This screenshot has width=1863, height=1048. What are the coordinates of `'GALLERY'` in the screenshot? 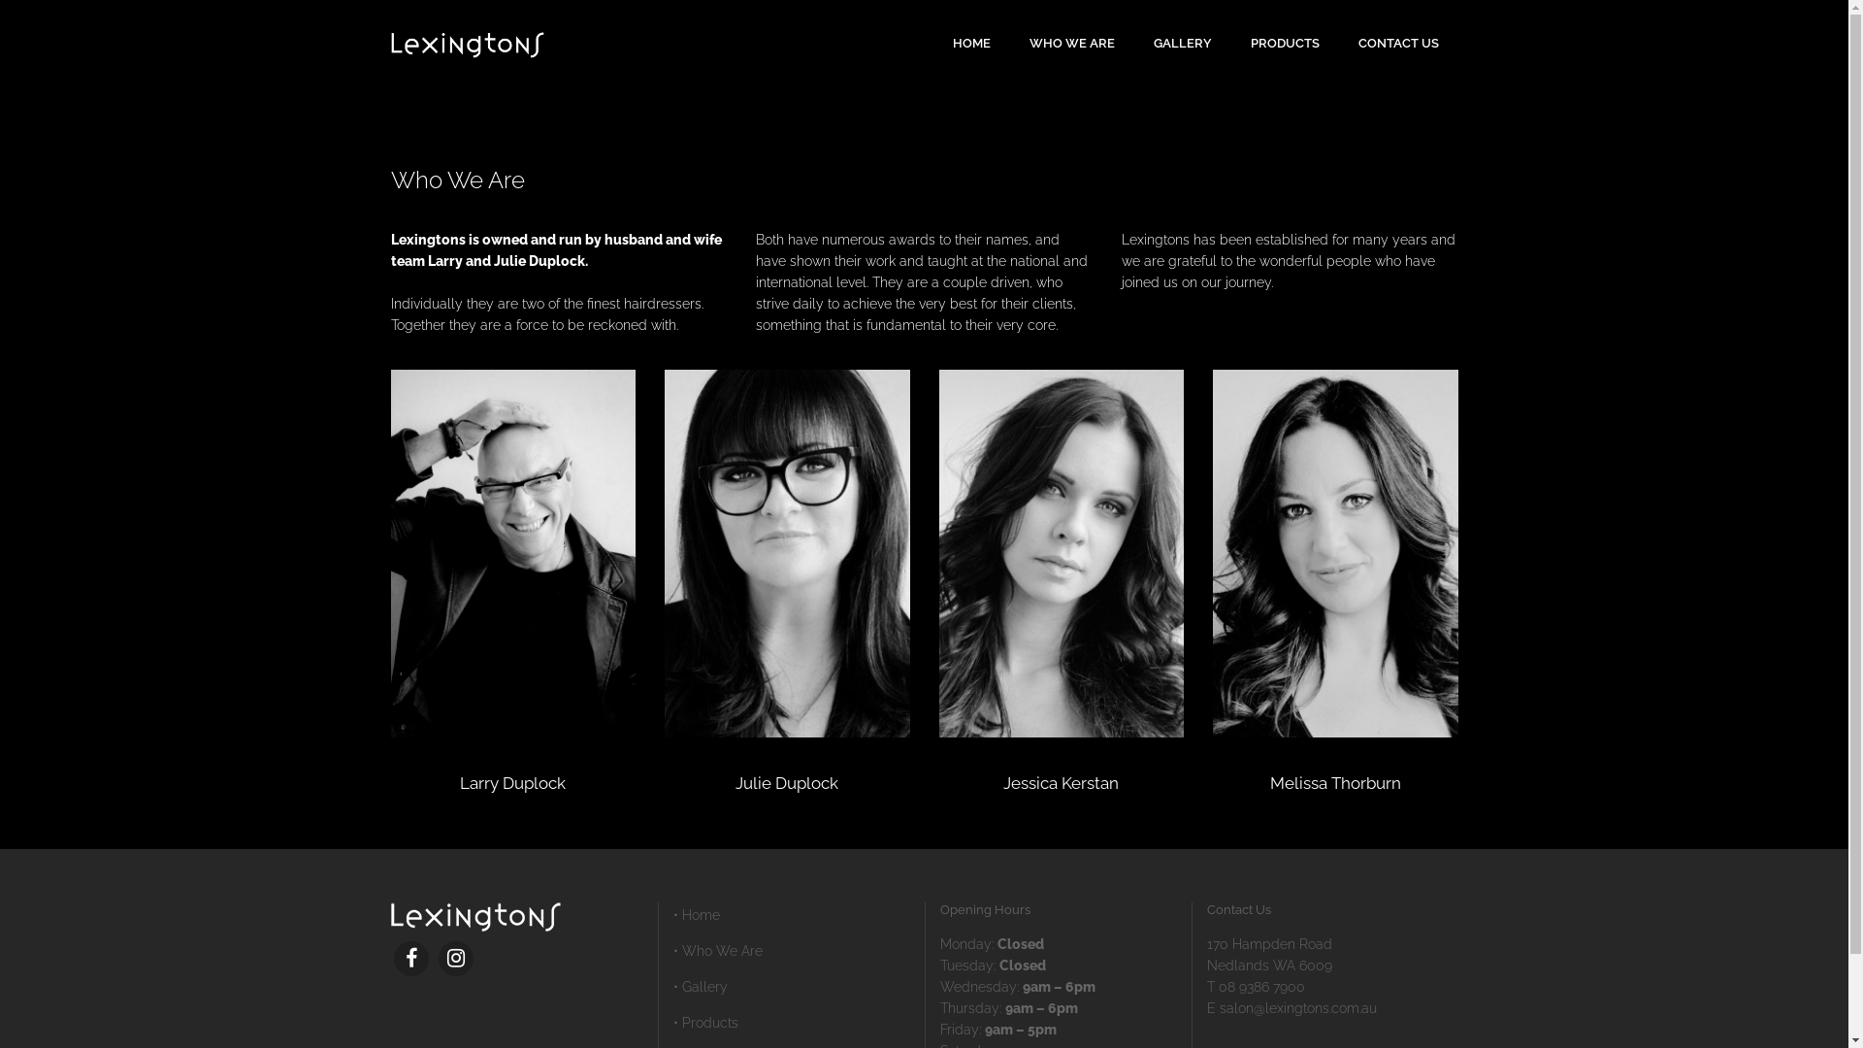 It's located at (1181, 44).